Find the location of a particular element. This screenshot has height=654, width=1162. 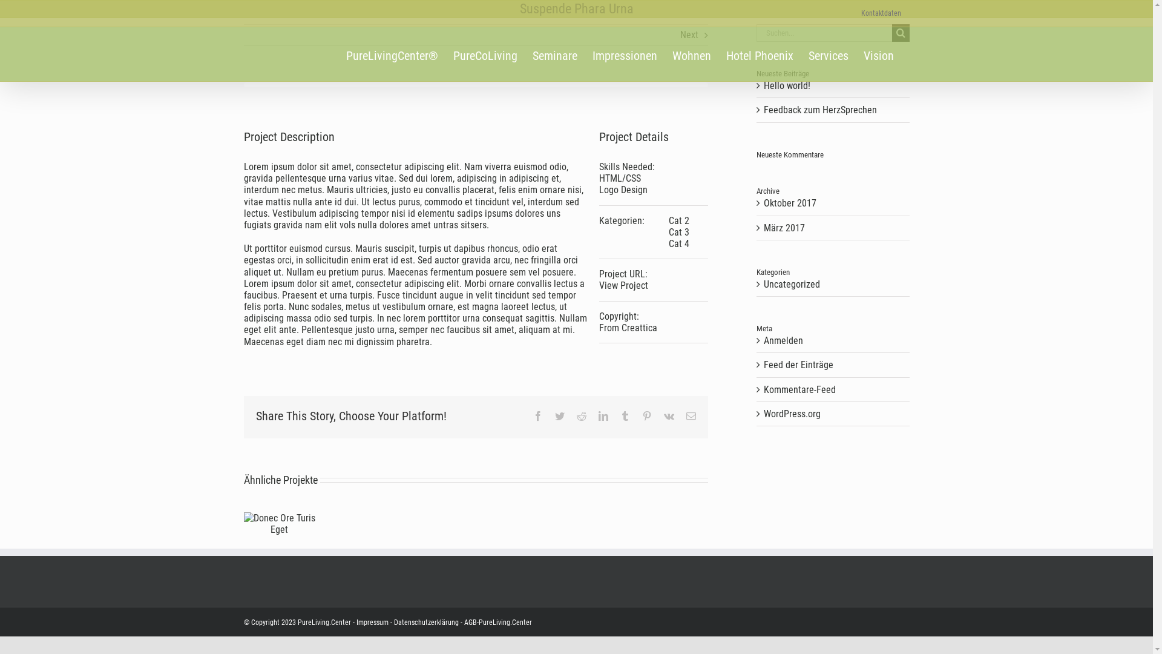

'Seminare' is located at coordinates (554, 53).